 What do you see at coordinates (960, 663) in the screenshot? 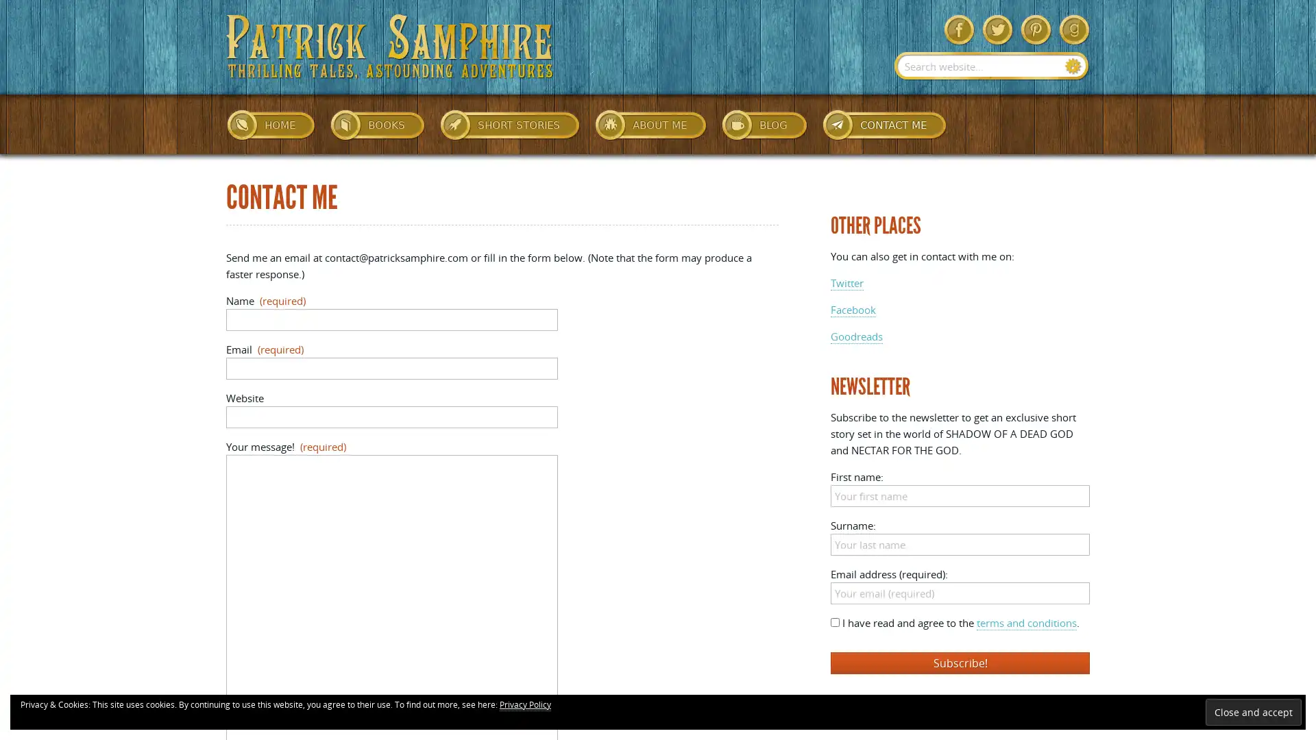
I see `Subscribe!` at bounding box center [960, 663].